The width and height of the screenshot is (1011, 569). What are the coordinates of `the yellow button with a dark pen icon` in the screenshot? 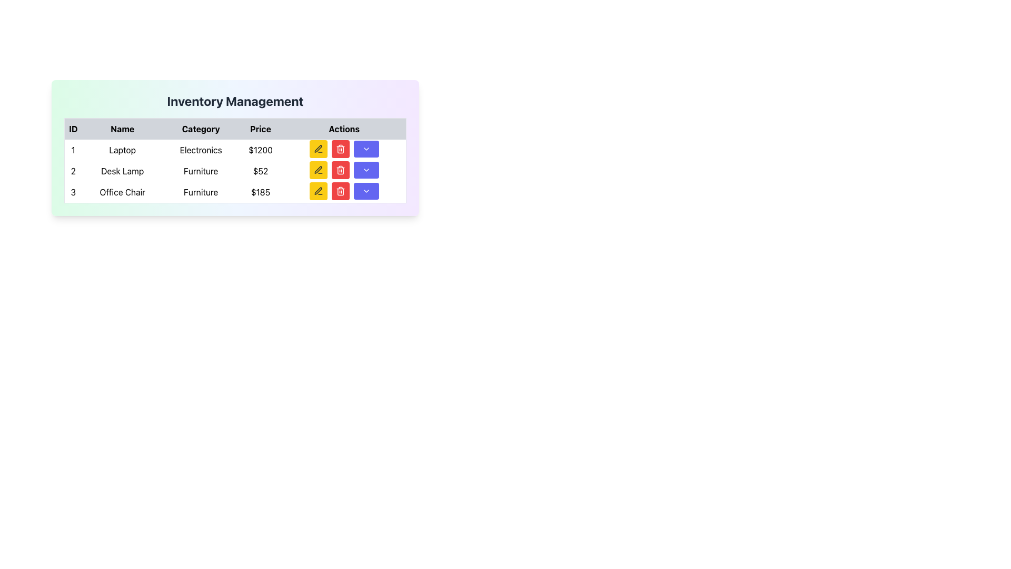 It's located at (318, 149).